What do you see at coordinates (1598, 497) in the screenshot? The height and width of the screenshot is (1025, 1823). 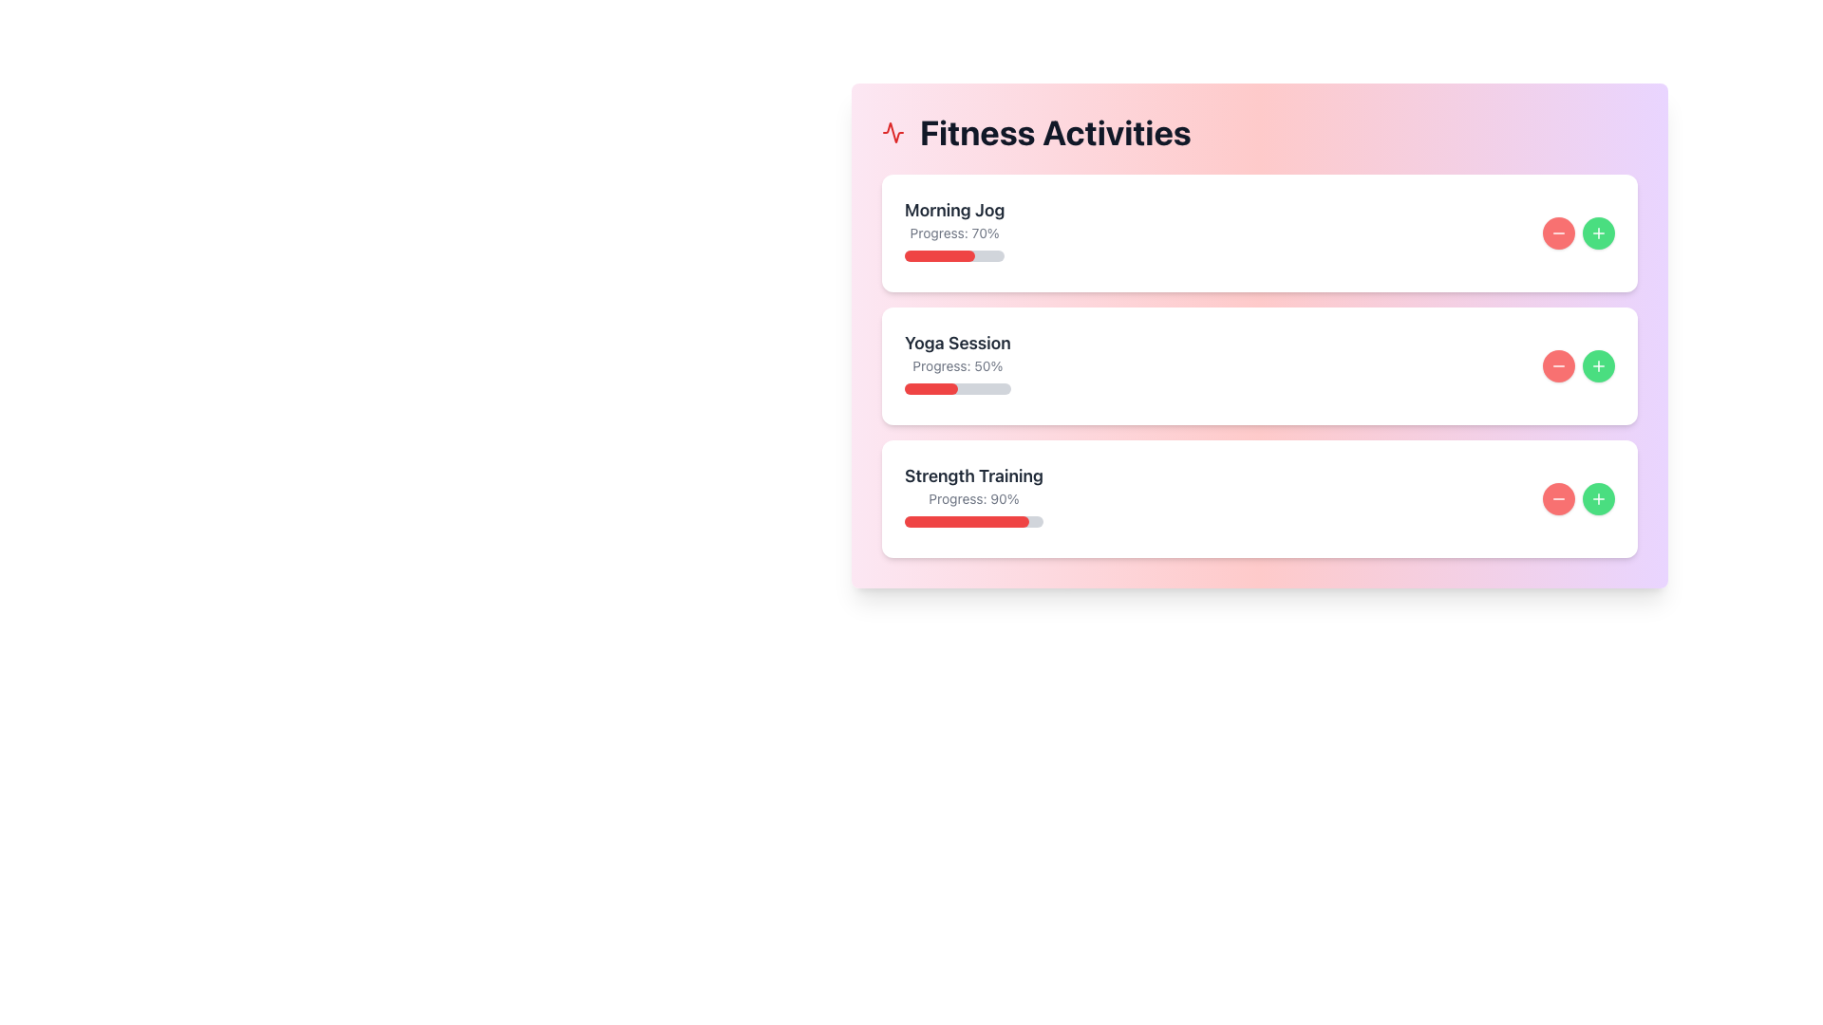 I see `the interactive button used to increment the value for the 'Strength Training' activity, located in the third row to the far right next to a red circular button with a minus icon` at bounding box center [1598, 497].